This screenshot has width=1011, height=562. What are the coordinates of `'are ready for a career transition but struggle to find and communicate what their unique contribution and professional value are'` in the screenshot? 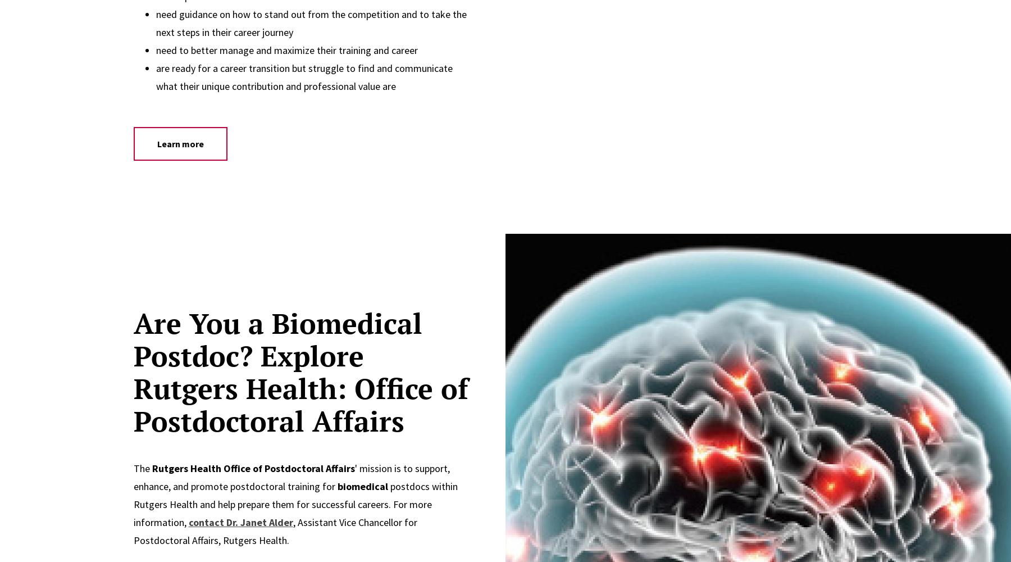 It's located at (155, 77).